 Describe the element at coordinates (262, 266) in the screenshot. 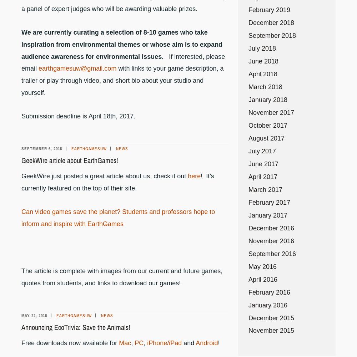

I see `'May 2016'` at that location.